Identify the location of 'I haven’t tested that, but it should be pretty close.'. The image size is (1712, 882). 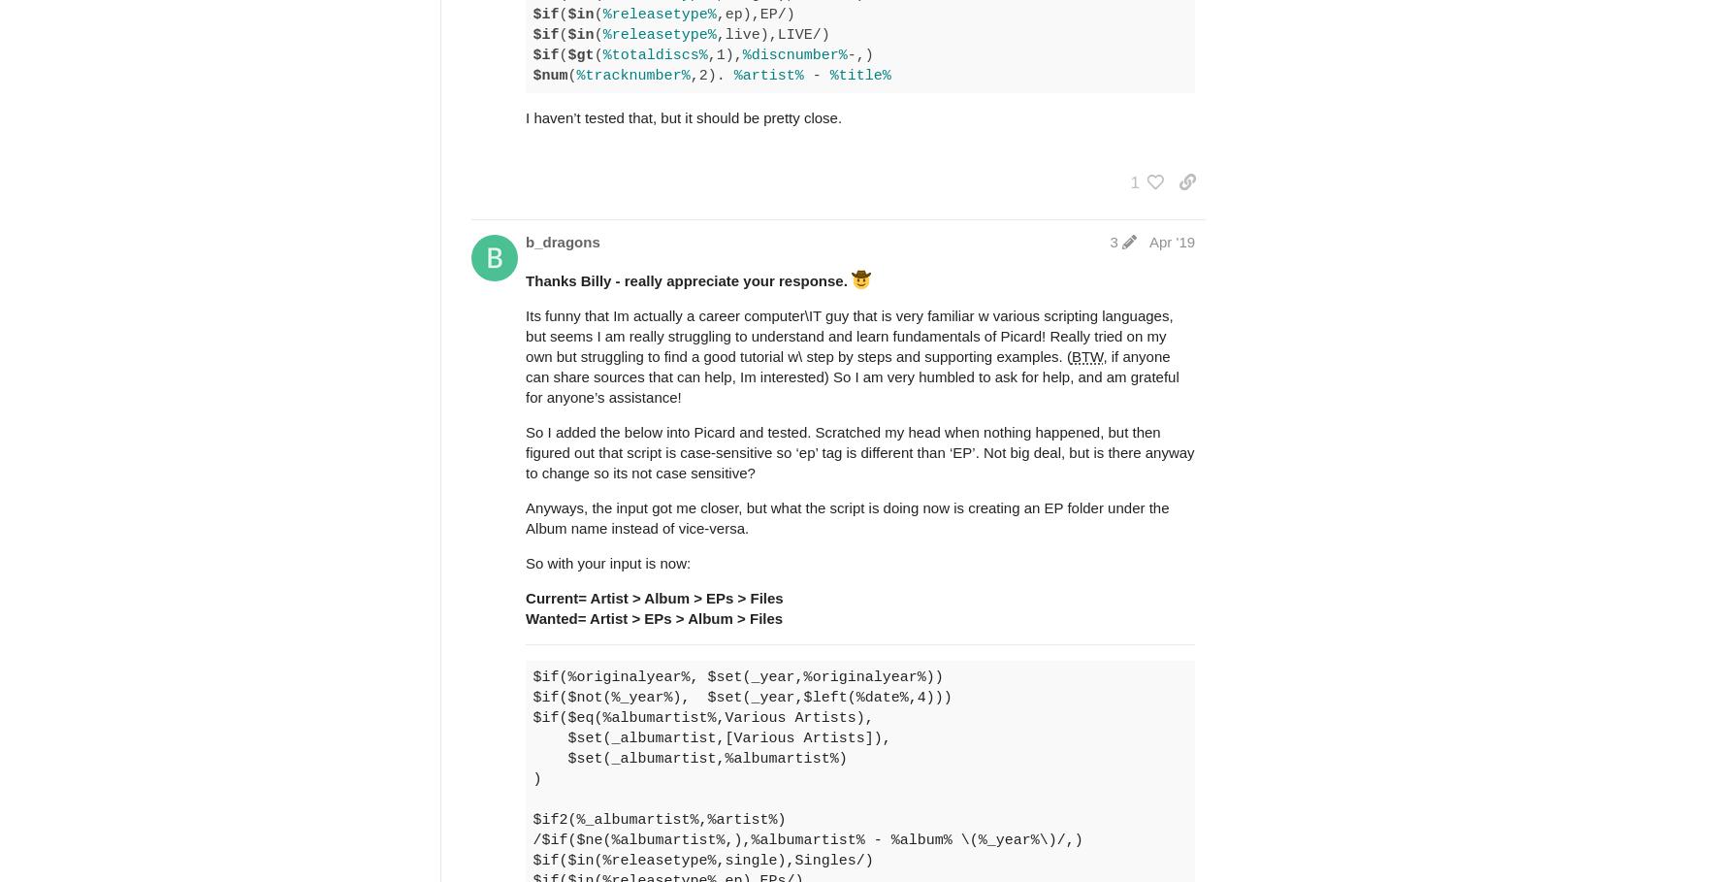
(525, 117).